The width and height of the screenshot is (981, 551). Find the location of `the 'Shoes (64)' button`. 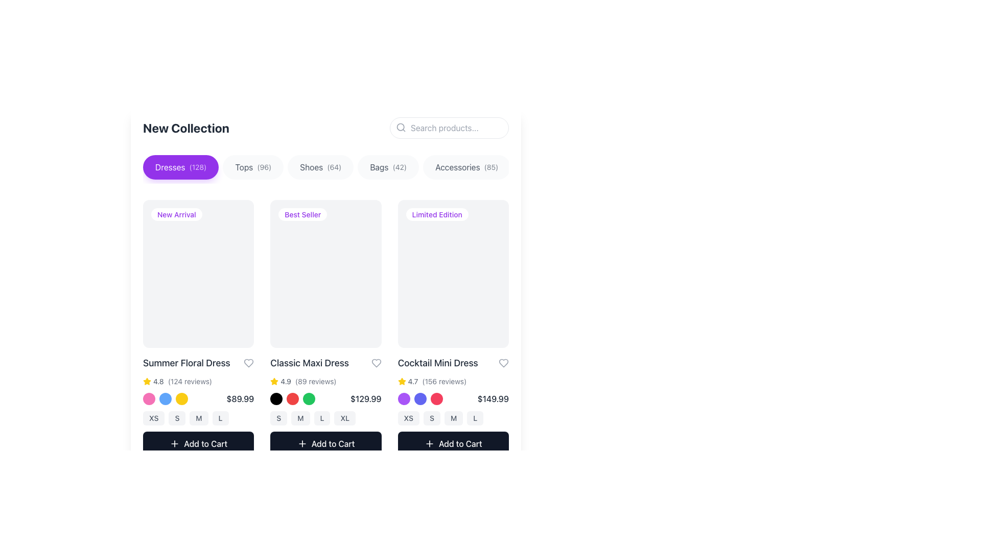

the 'Shoes (64)' button is located at coordinates (325, 168).